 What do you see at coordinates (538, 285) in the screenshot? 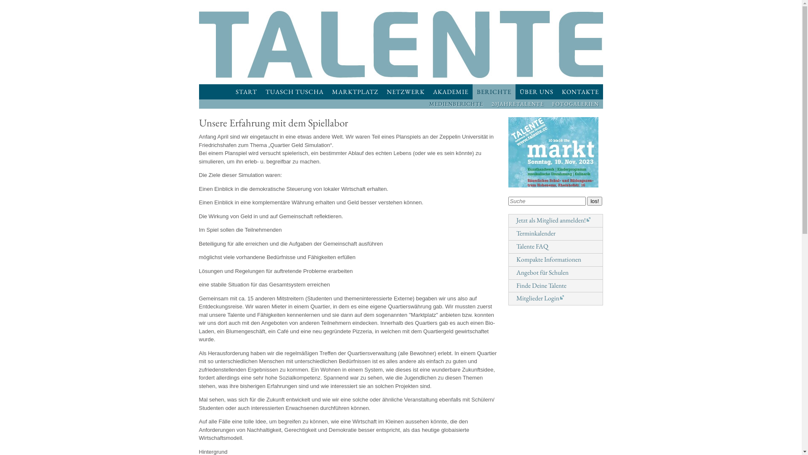
I see `'Finde Deine Talente'` at bounding box center [538, 285].